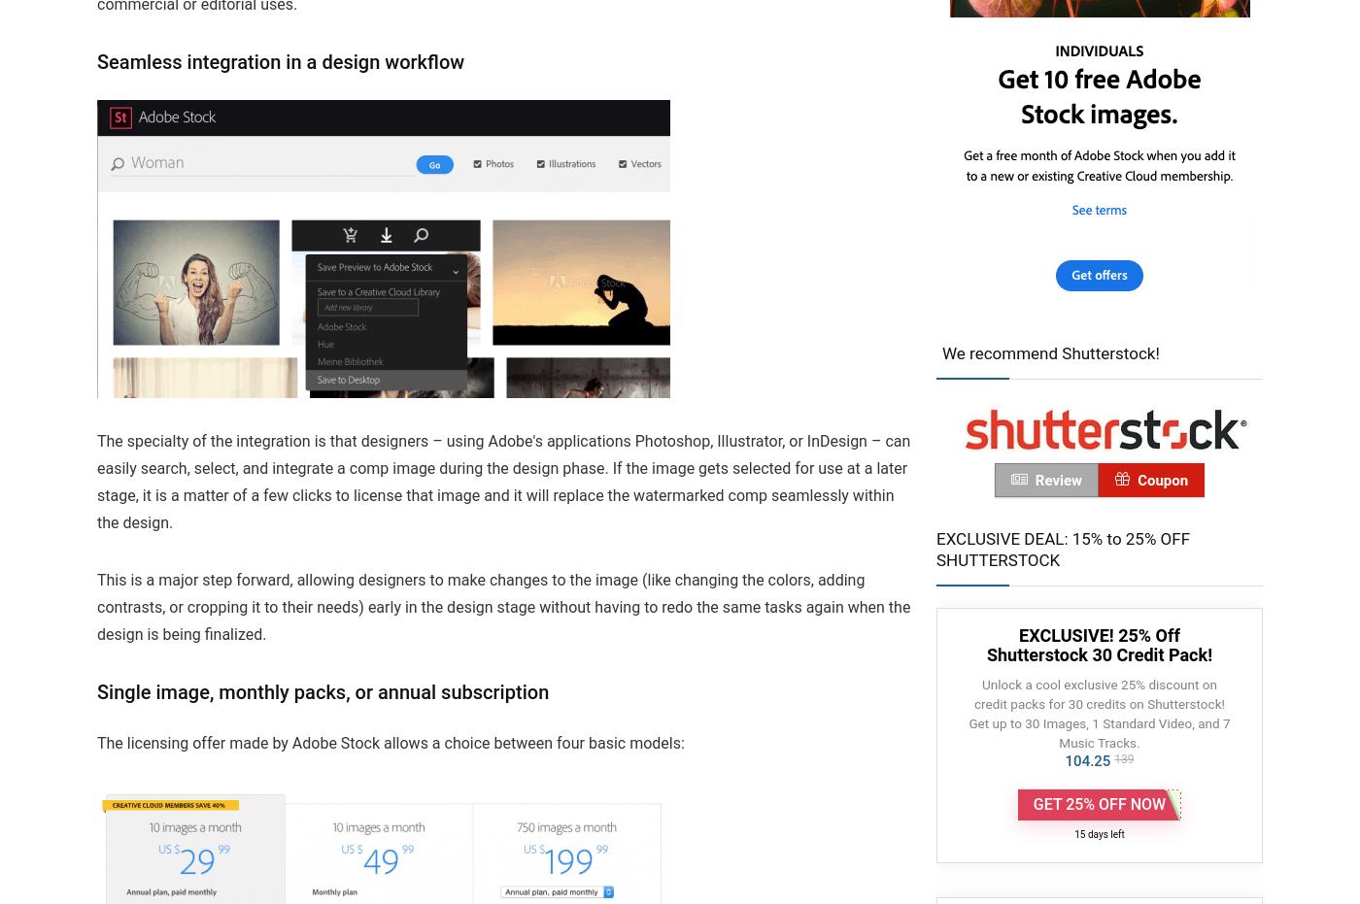 This screenshot has width=1360, height=904. Describe the element at coordinates (542, 737) in the screenshot. I see `'Terms of Use'` at that location.